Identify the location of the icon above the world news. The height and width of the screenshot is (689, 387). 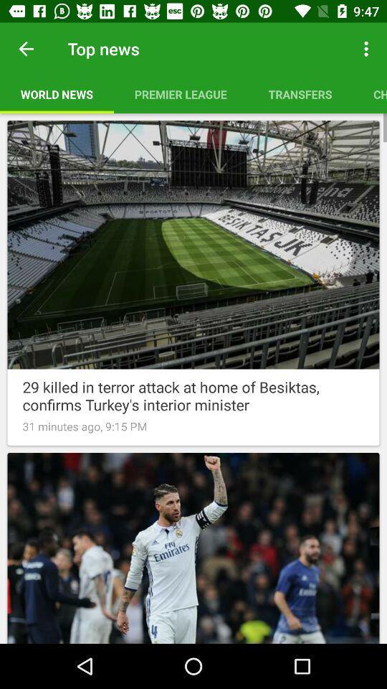
(26, 49).